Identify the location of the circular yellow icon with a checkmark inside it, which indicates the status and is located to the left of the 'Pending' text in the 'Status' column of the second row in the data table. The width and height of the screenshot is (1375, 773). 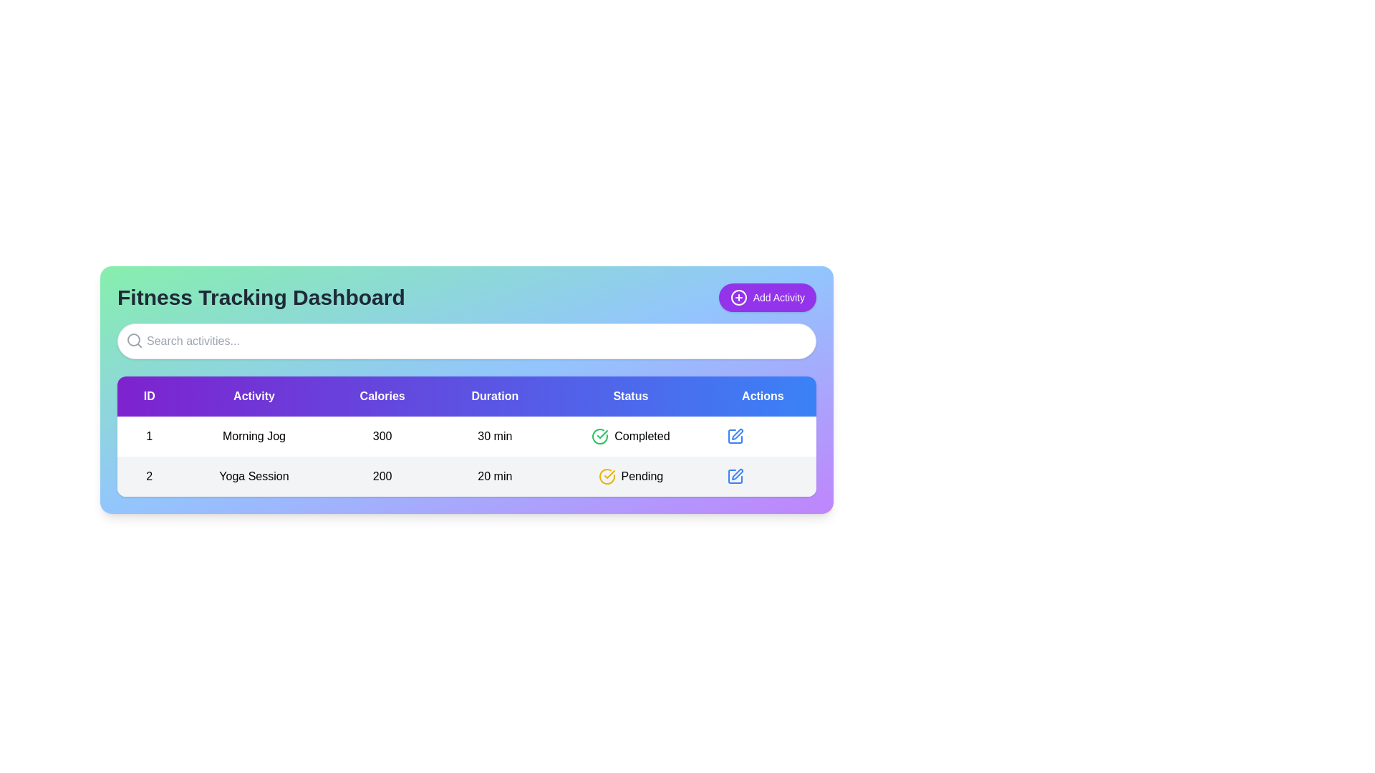
(607, 477).